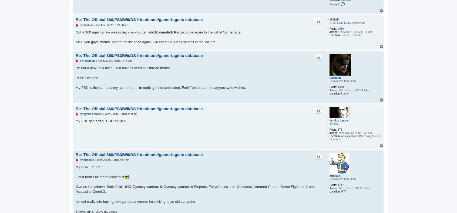  I want to click on '378', so click(340, 129).